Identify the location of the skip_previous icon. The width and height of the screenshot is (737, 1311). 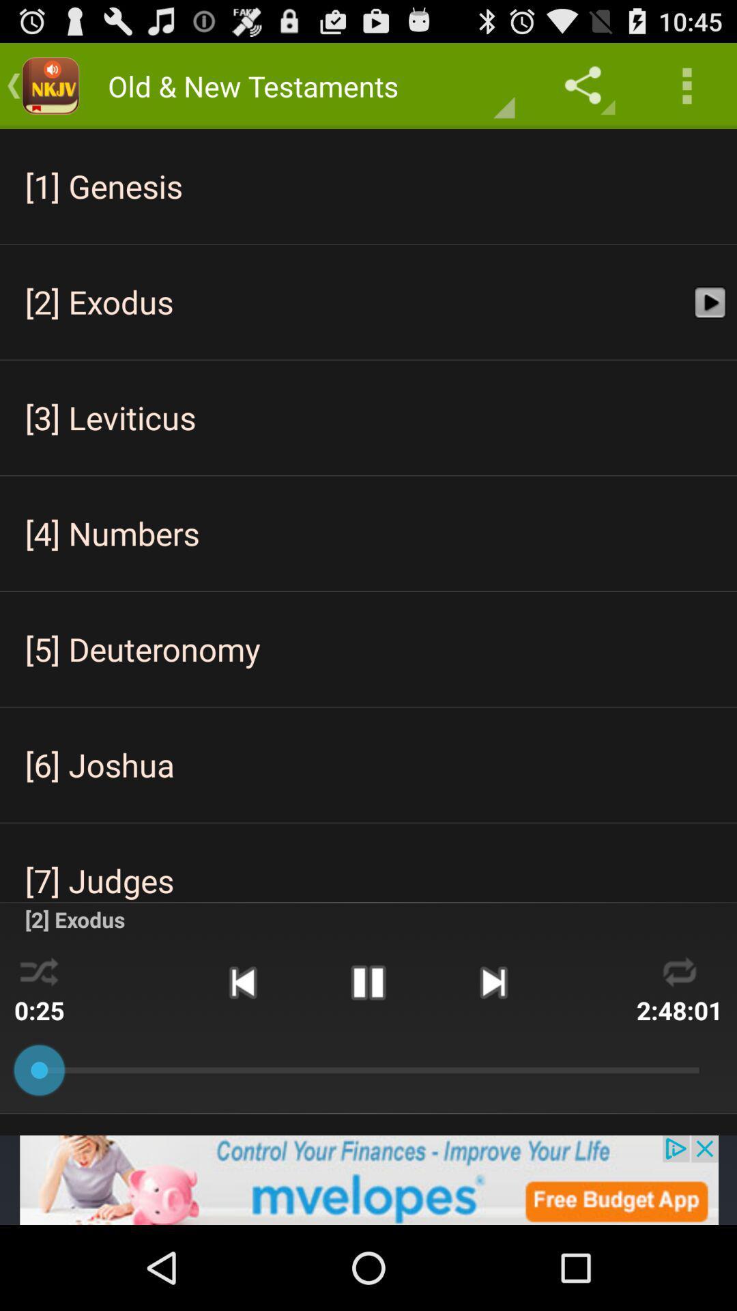
(242, 1050).